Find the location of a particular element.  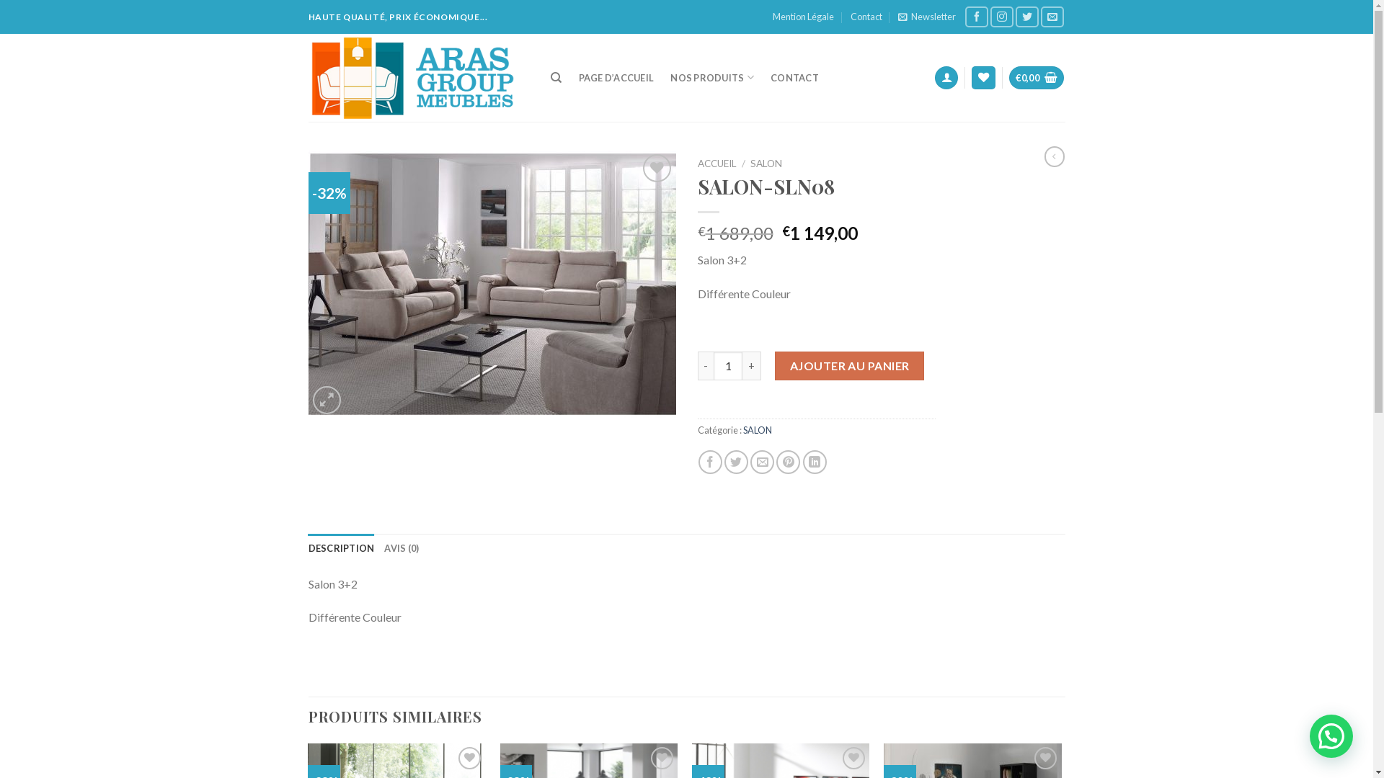

'AVIS (0)' is located at coordinates (401, 547).